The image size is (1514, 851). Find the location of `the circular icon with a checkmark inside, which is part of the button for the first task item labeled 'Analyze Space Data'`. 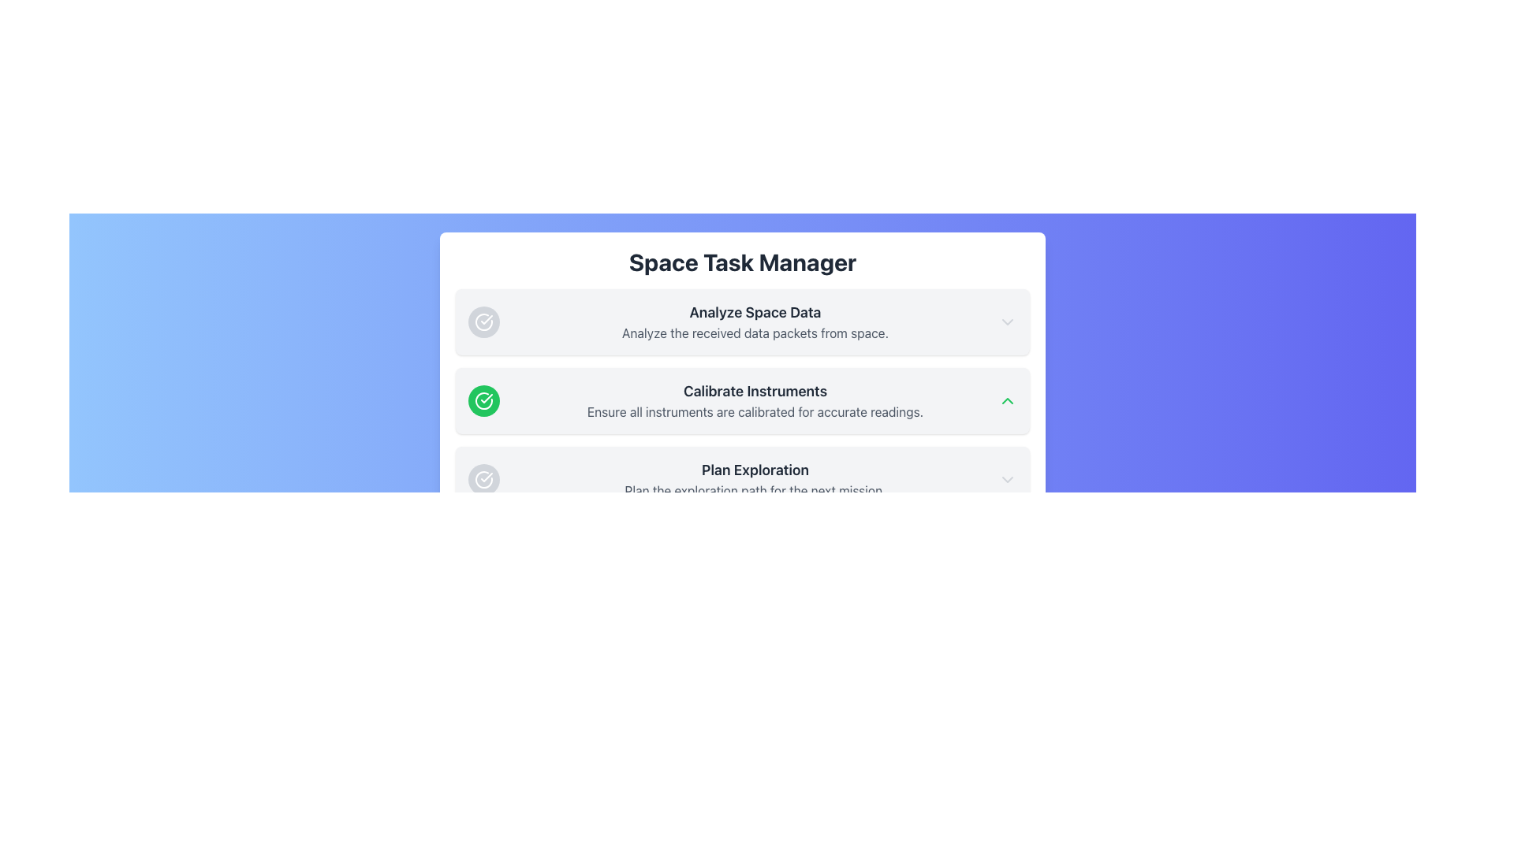

the circular icon with a checkmark inside, which is part of the button for the first task item labeled 'Analyze Space Data' is located at coordinates (483, 321).